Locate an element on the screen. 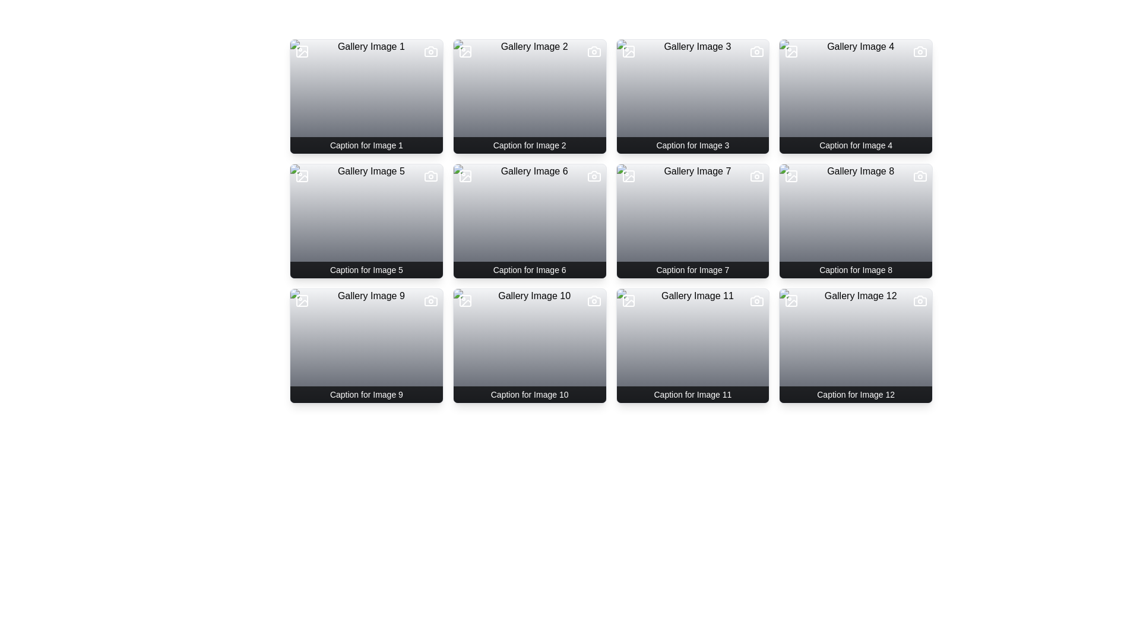 This screenshot has height=641, width=1140. the camera icon located at the top-right corner of the second card titled 'Gallery Image 2', which represents functionality related to photography or images is located at coordinates (594, 51).